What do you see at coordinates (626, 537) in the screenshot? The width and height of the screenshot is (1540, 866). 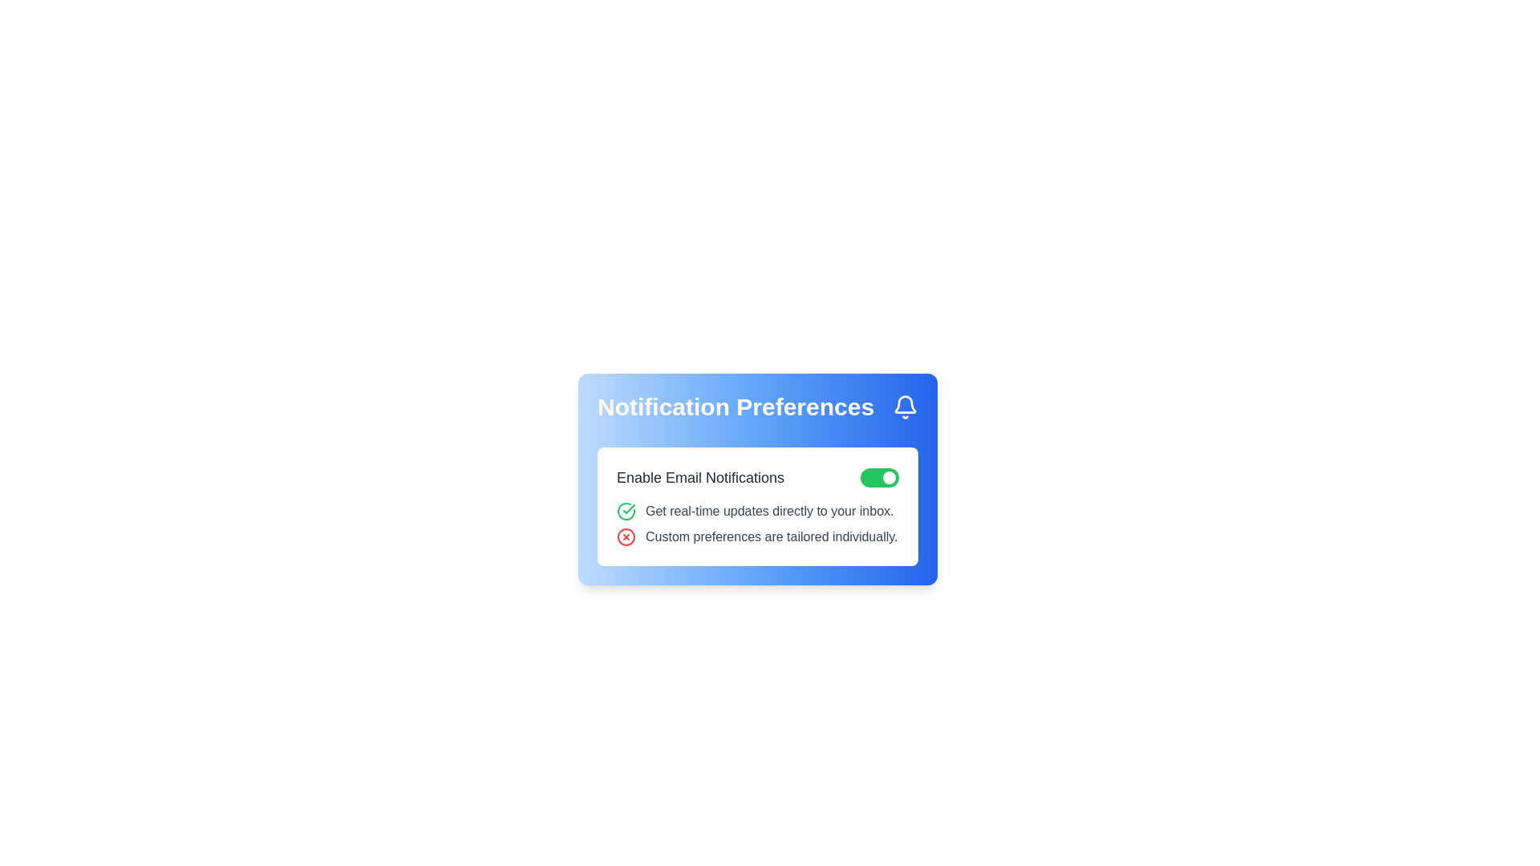 I see `the circular dismiss icon located at the bottom left of the notification preferences dialog, which serves as a visual component for dismissing messages or notifications` at bounding box center [626, 537].